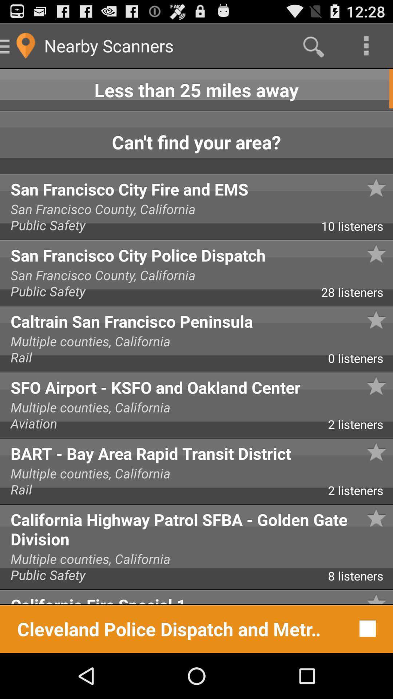 Image resolution: width=393 pixels, height=699 pixels. Describe the element at coordinates (357, 228) in the screenshot. I see `app next to the public safety app` at that location.